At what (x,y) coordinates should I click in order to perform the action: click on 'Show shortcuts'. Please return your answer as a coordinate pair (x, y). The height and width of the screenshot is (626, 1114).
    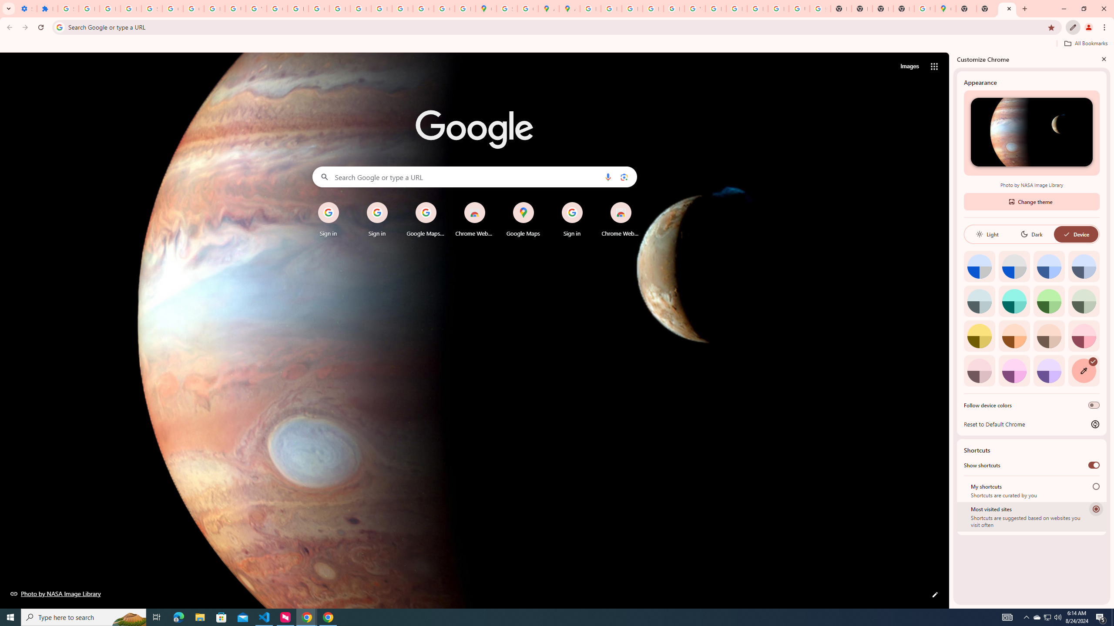
    Looking at the image, I should click on (1093, 464).